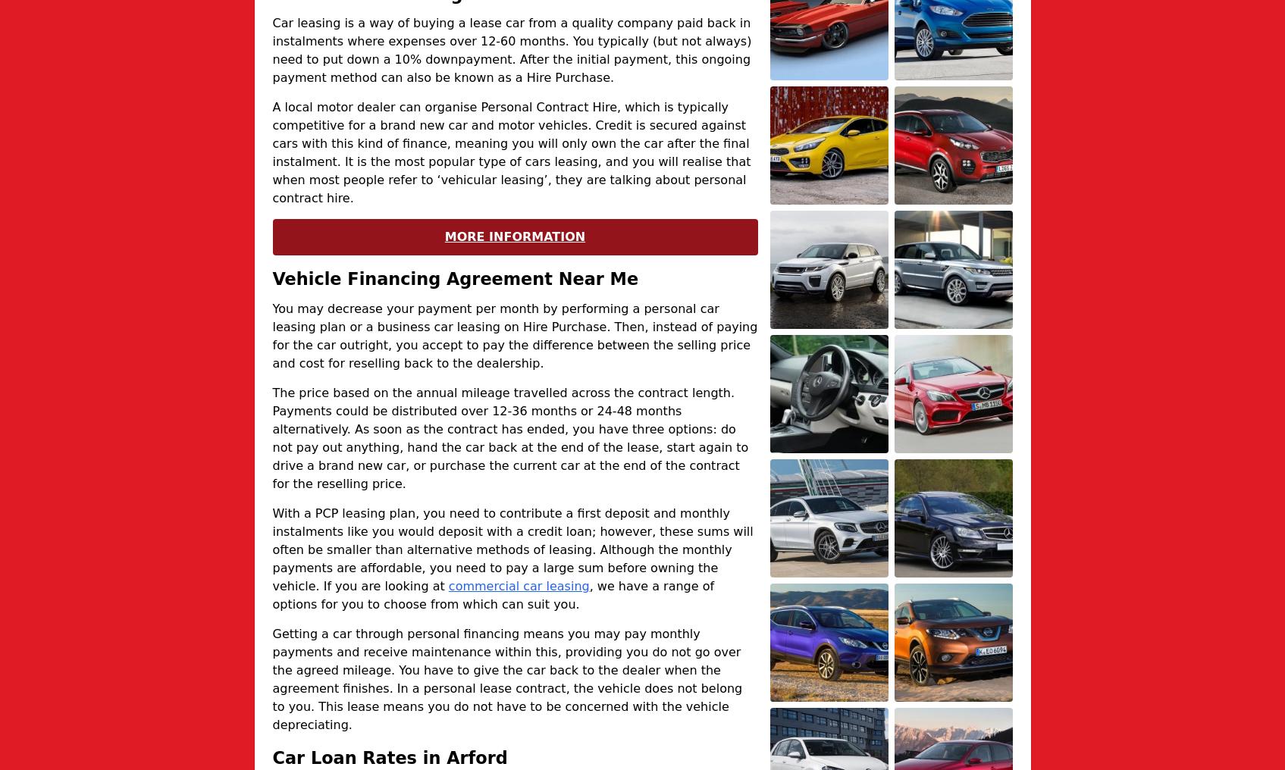 This screenshot has height=770, width=1285. I want to click on 'Car Loan Rates in Arford', so click(271, 757).